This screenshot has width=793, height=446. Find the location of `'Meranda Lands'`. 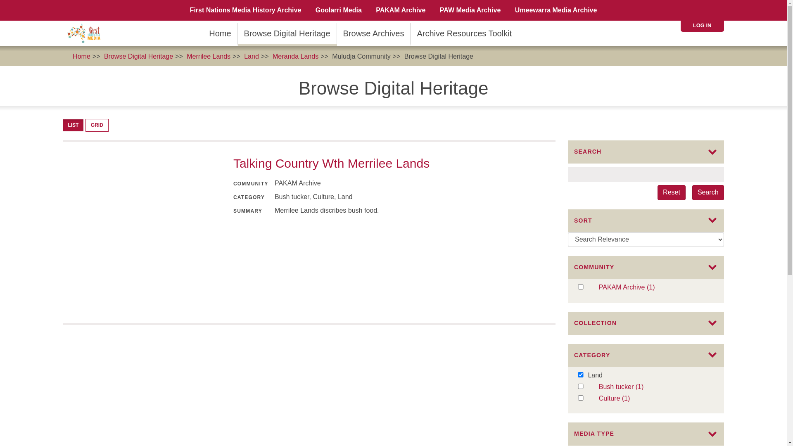

'Meranda Lands' is located at coordinates (295, 56).